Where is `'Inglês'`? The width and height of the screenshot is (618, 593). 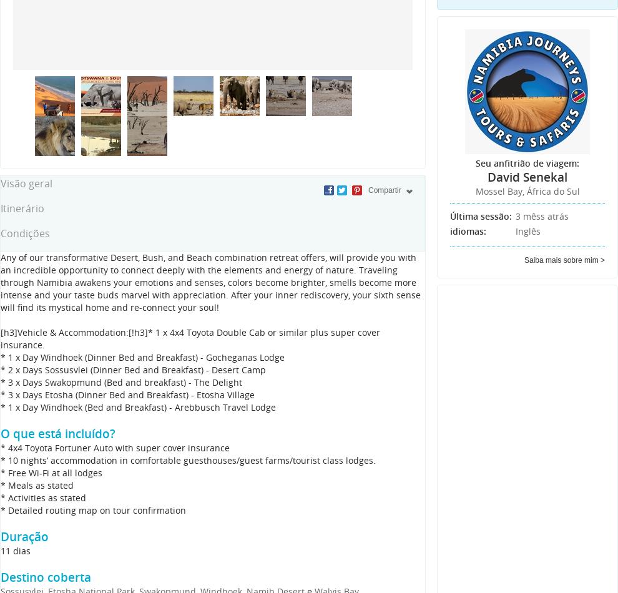
'Inglês' is located at coordinates (527, 230).